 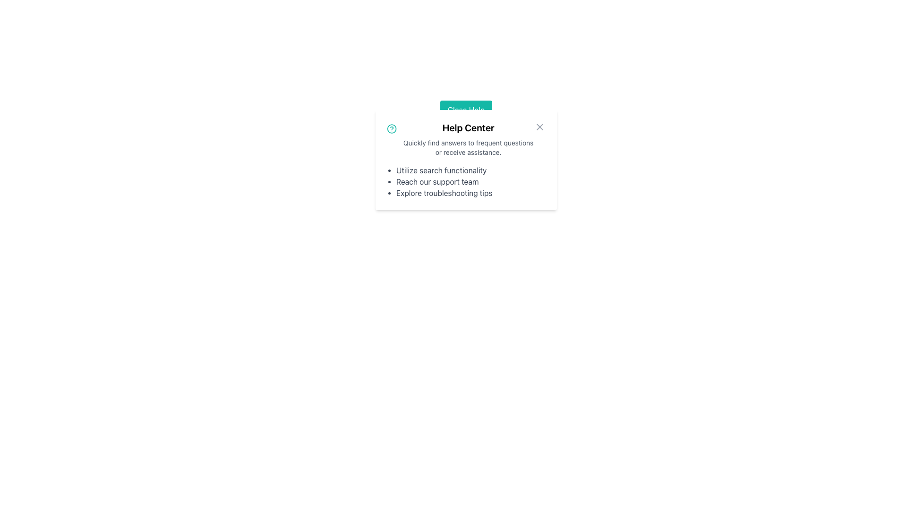 What do you see at coordinates (471, 192) in the screenshot?
I see `the third item in the bulleted list within the help center popup that provides troubleshooting advice` at bounding box center [471, 192].